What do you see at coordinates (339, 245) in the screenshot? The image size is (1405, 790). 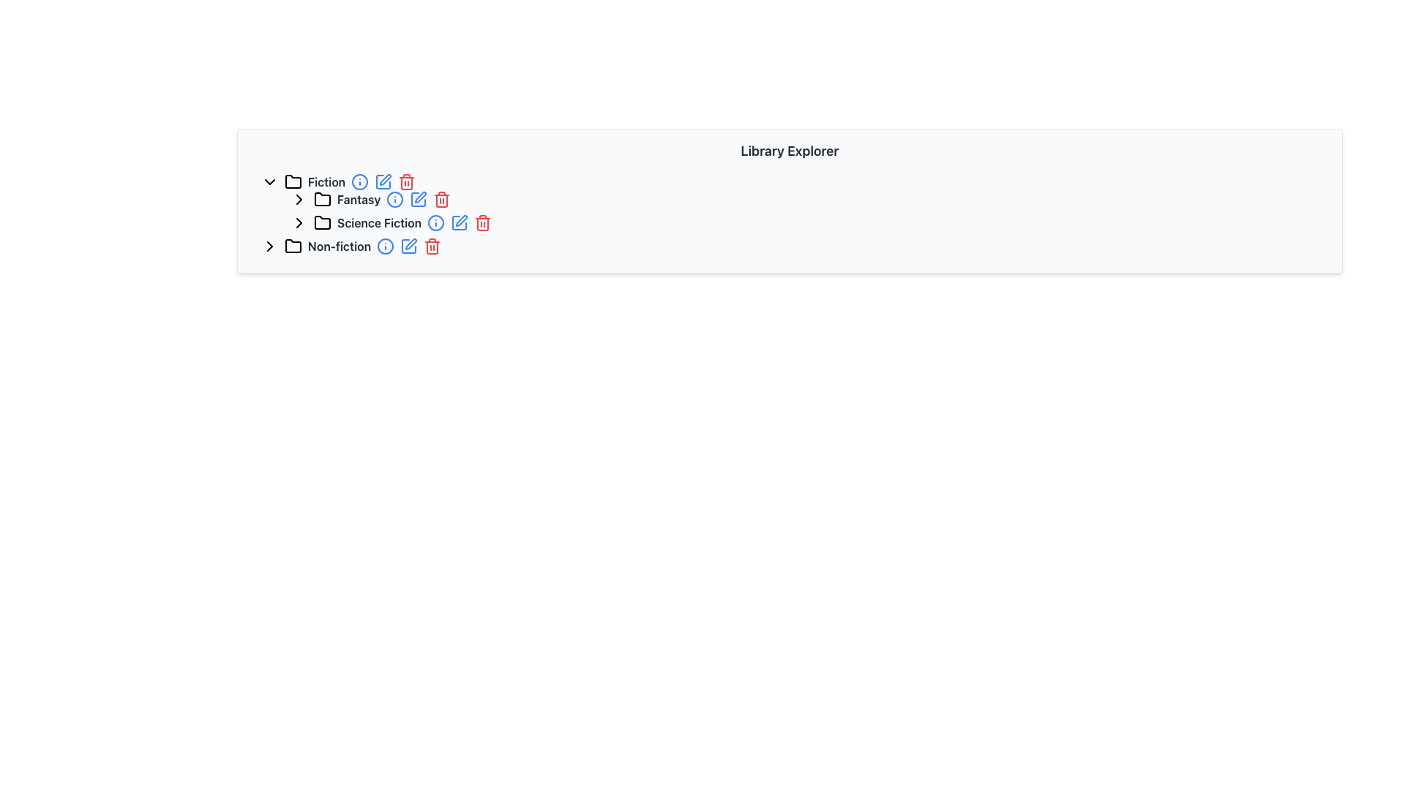 I see `the static text label that indicates a category of content, located under the folder hierarchy starting with 'Fiction', and sibling to 'Fantasy' and 'Science Fiction'` at bounding box center [339, 245].